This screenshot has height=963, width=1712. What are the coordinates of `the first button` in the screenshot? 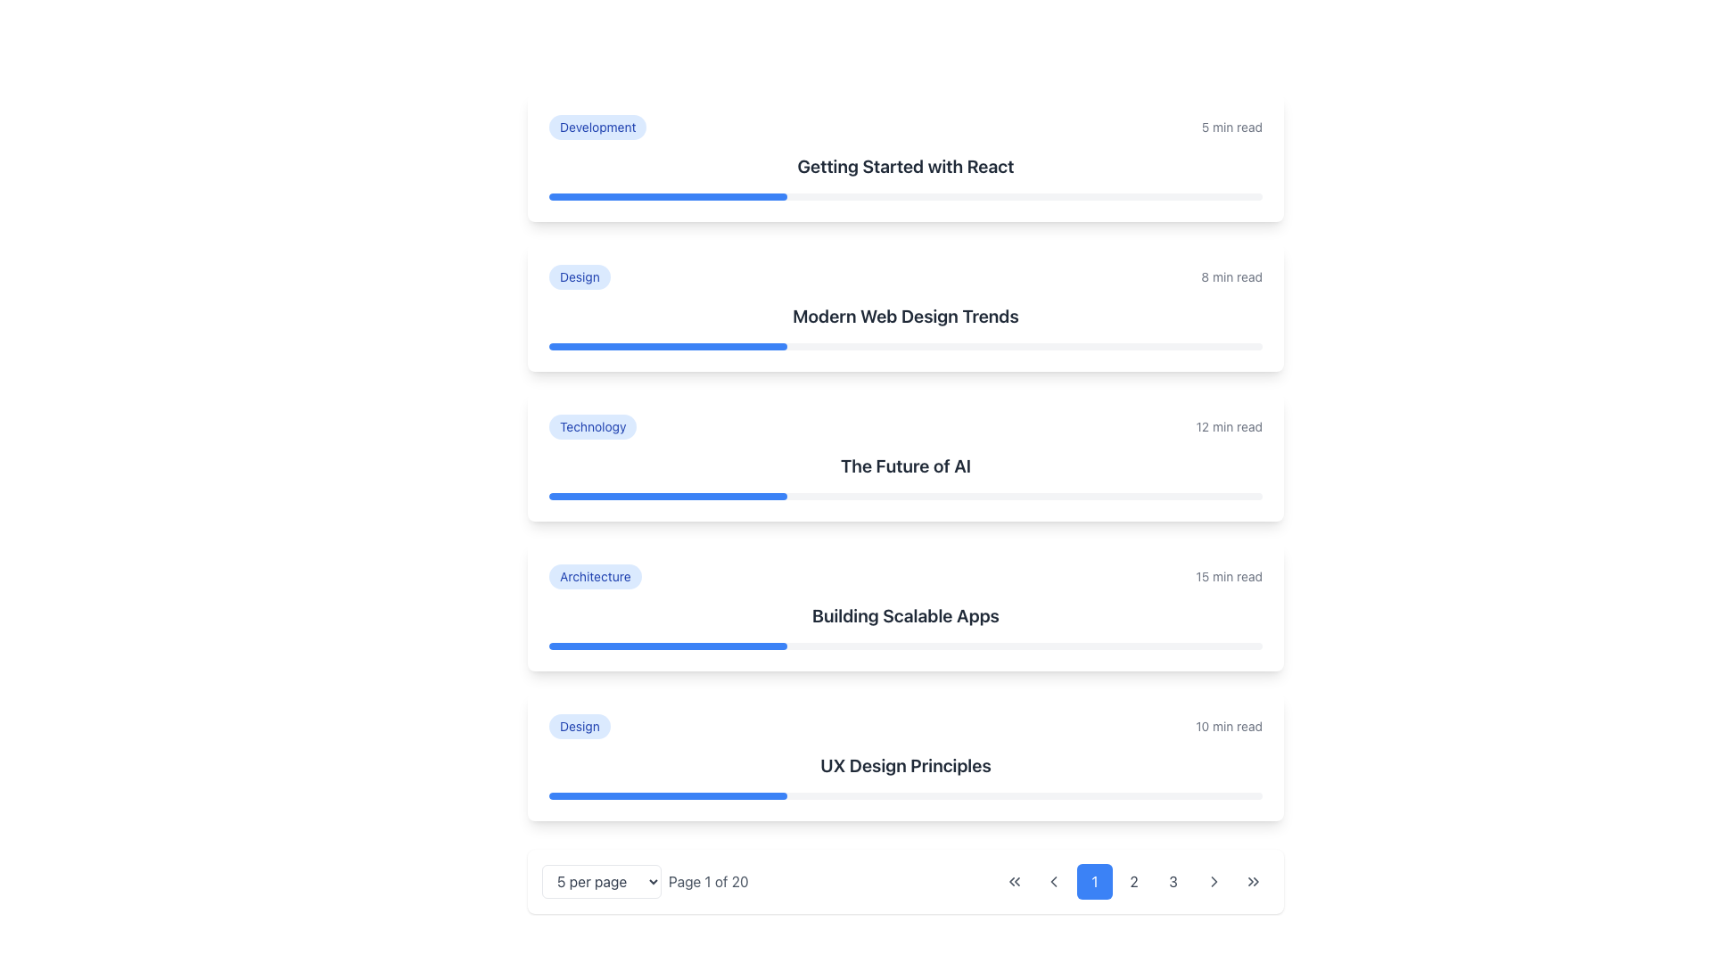 It's located at (1014, 880).